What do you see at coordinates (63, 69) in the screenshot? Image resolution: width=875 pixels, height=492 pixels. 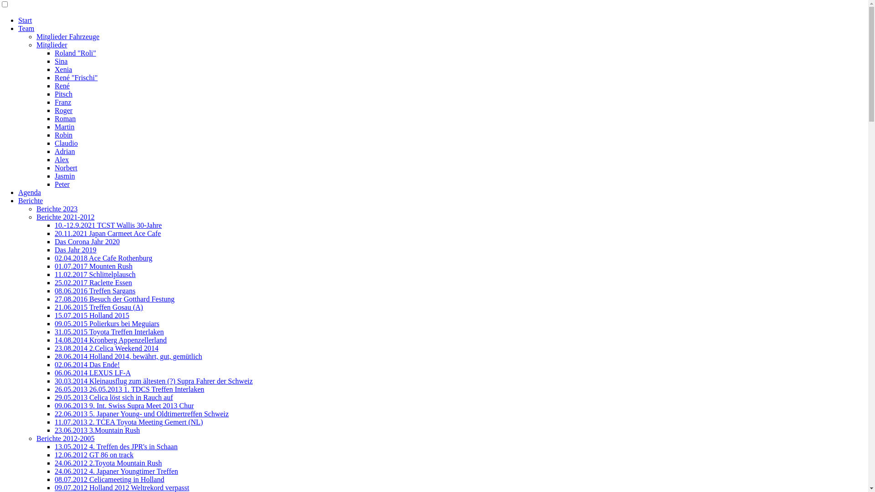 I see `'Xenia'` at bounding box center [63, 69].